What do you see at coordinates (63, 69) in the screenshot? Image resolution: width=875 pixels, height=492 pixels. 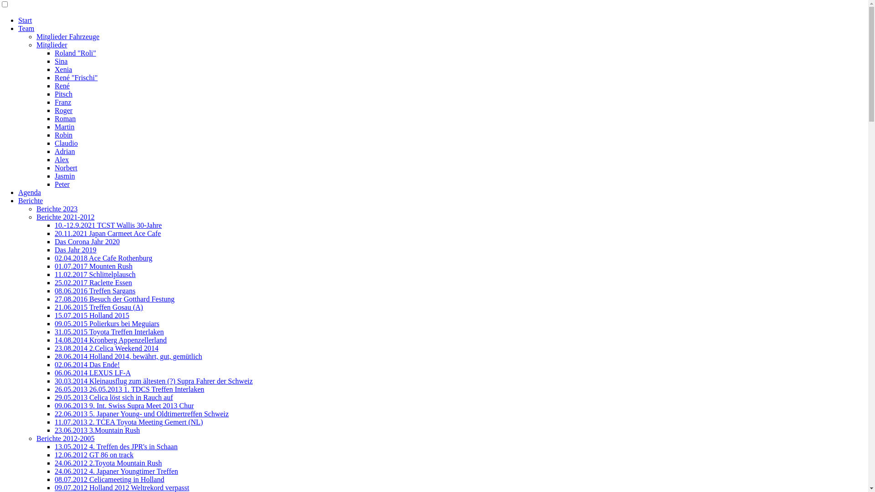 I see `'Xenia'` at bounding box center [63, 69].